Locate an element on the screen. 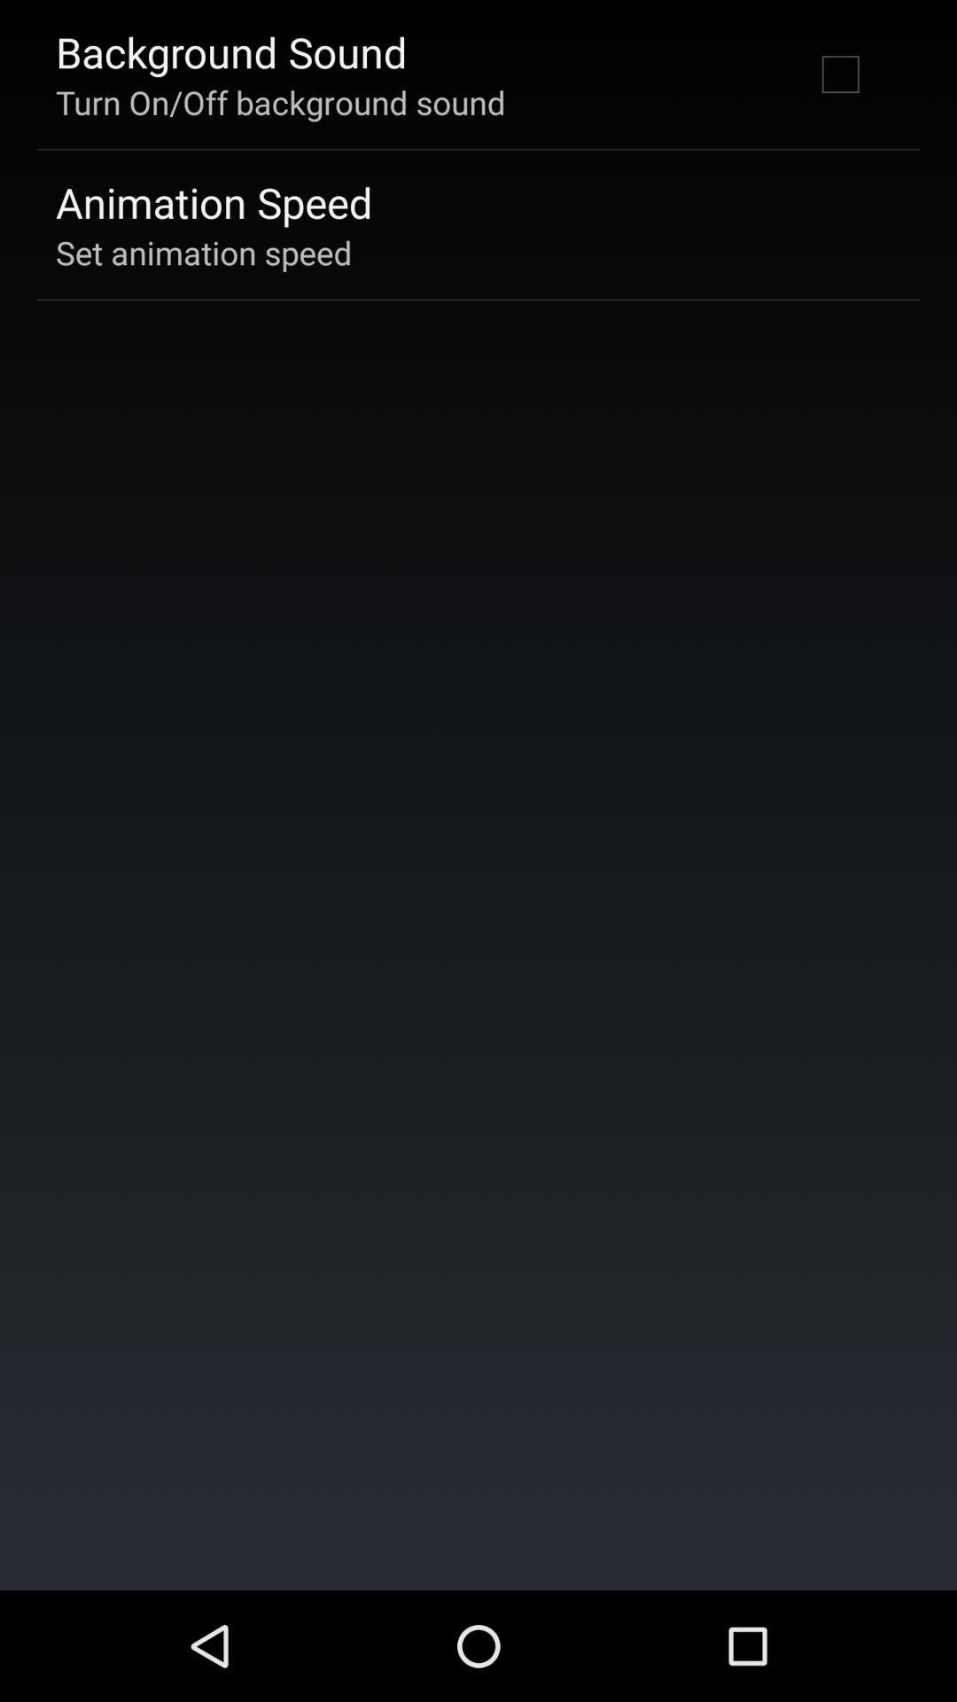  icon next to turn on off is located at coordinates (839, 73).